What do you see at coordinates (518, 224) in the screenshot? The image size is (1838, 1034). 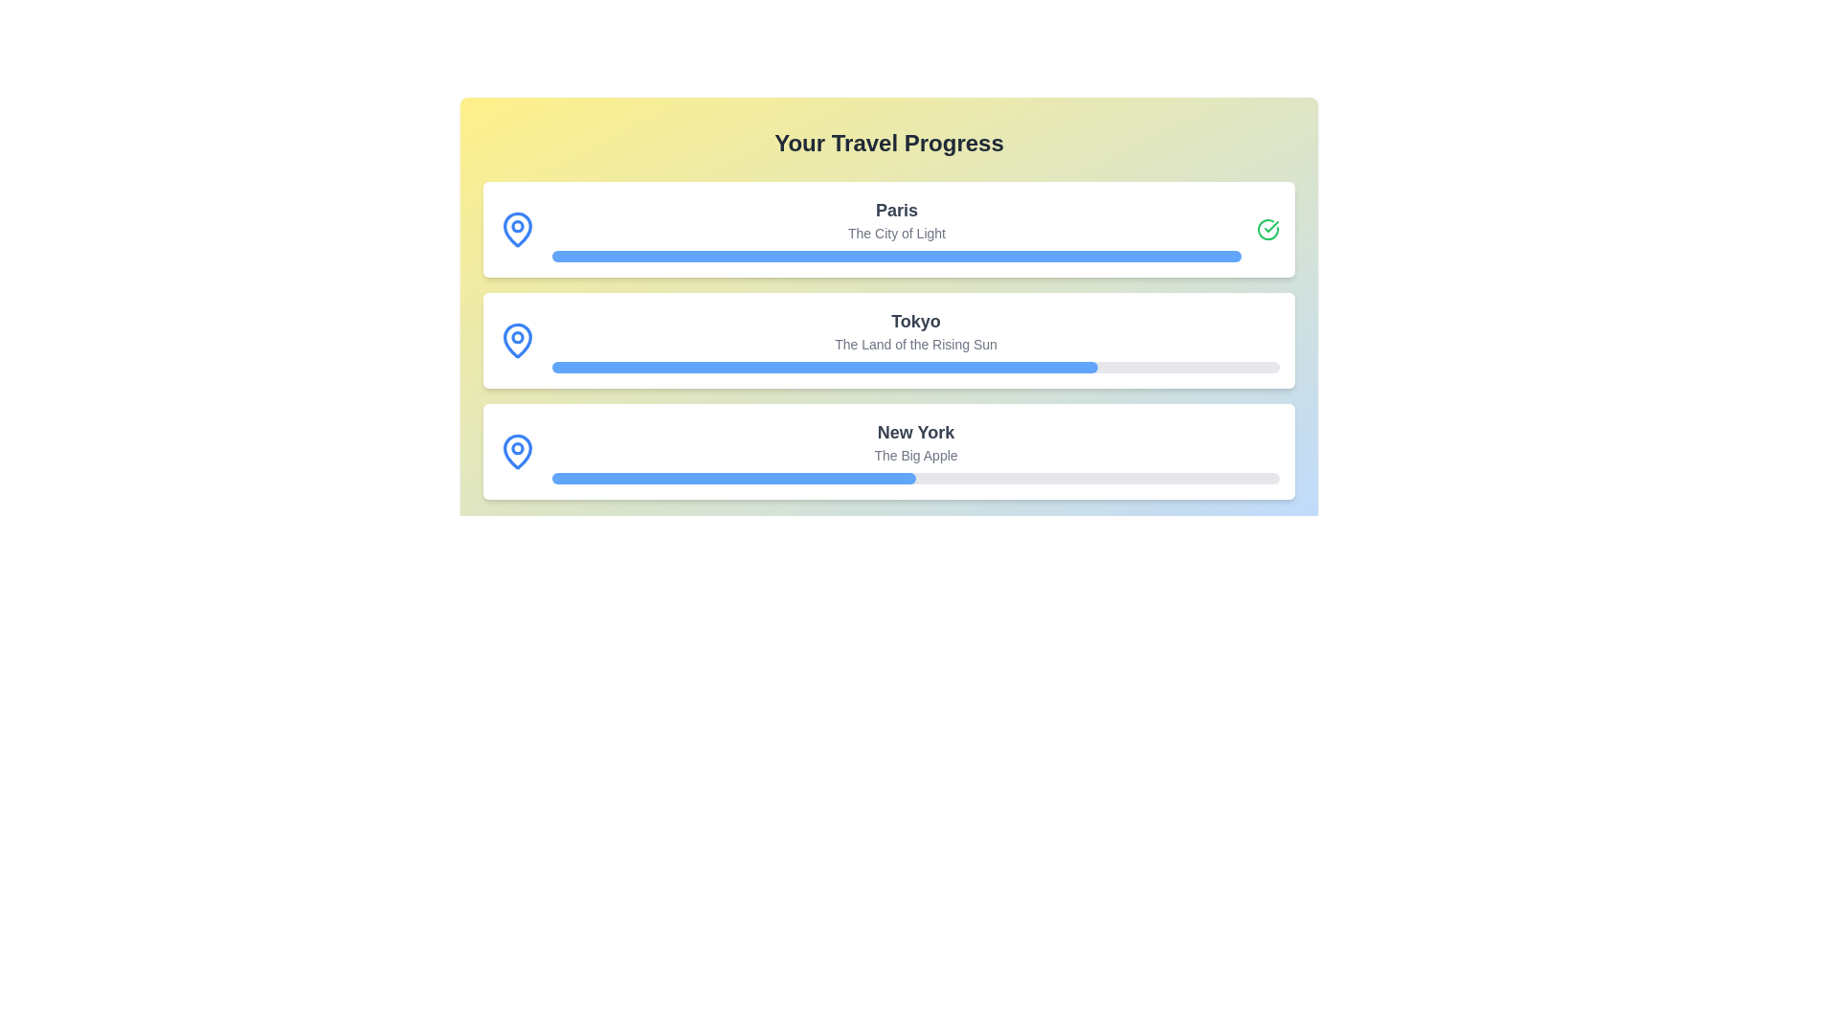 I see `the blue circular element within the SVG map pin icon located next to the 'Paris' label in the travel progress card` at bounding box center [518, 224].